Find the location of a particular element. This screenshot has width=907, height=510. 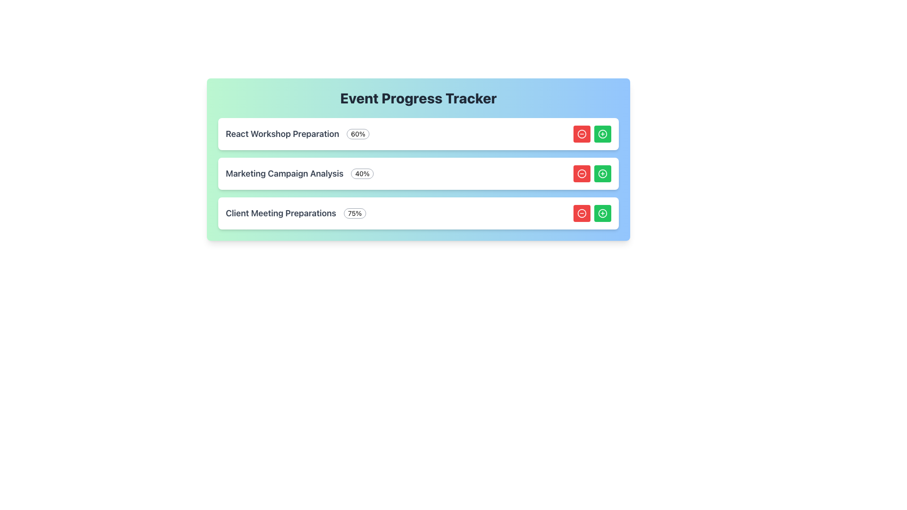

the rounded label displaying '60%' which is located in the progress tracker interface, immediately following the item title 'React Workshop Preparation' is located at coordinates (358, 134).